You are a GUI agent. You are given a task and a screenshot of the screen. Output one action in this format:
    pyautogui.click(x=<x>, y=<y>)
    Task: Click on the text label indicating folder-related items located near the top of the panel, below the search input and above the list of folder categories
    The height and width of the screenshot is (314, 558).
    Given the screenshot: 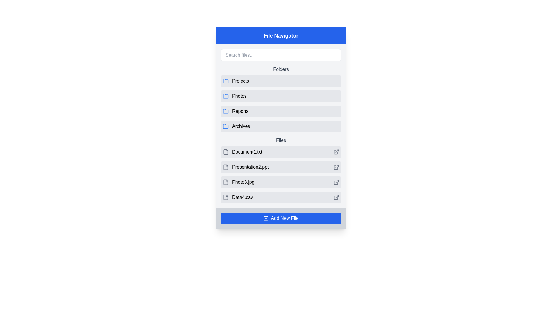 What is the action you would take?
    pyautogui.click(x=281, y=69)
    